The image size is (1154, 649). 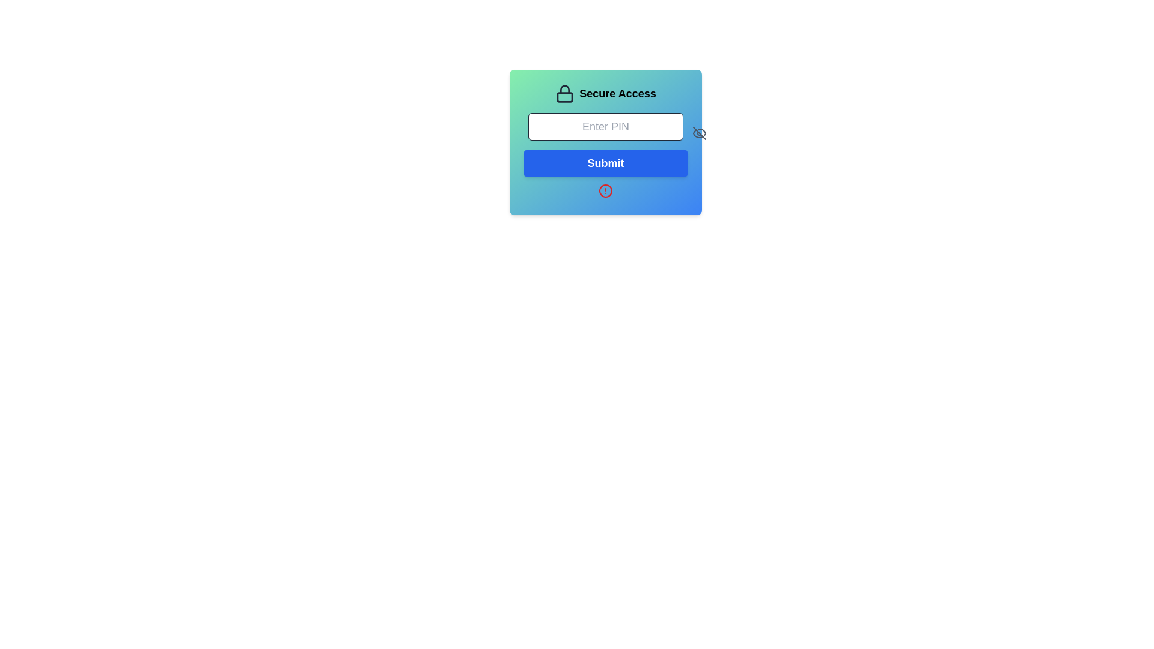 What do you see at coordinates (699, 133) in the screenshot?
I see `the diagonal line of the 'eye-off' icon which is styled with a gray stroke, used for toggling visibility, positioned above the input field for PIN entry` at bounding box center [699, 133].